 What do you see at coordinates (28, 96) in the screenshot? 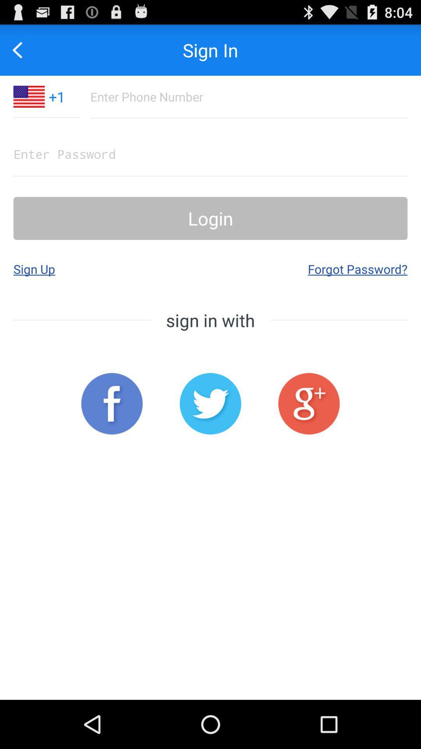
I see `the item to the left of the +1 item` at bounding box center [28, 96].